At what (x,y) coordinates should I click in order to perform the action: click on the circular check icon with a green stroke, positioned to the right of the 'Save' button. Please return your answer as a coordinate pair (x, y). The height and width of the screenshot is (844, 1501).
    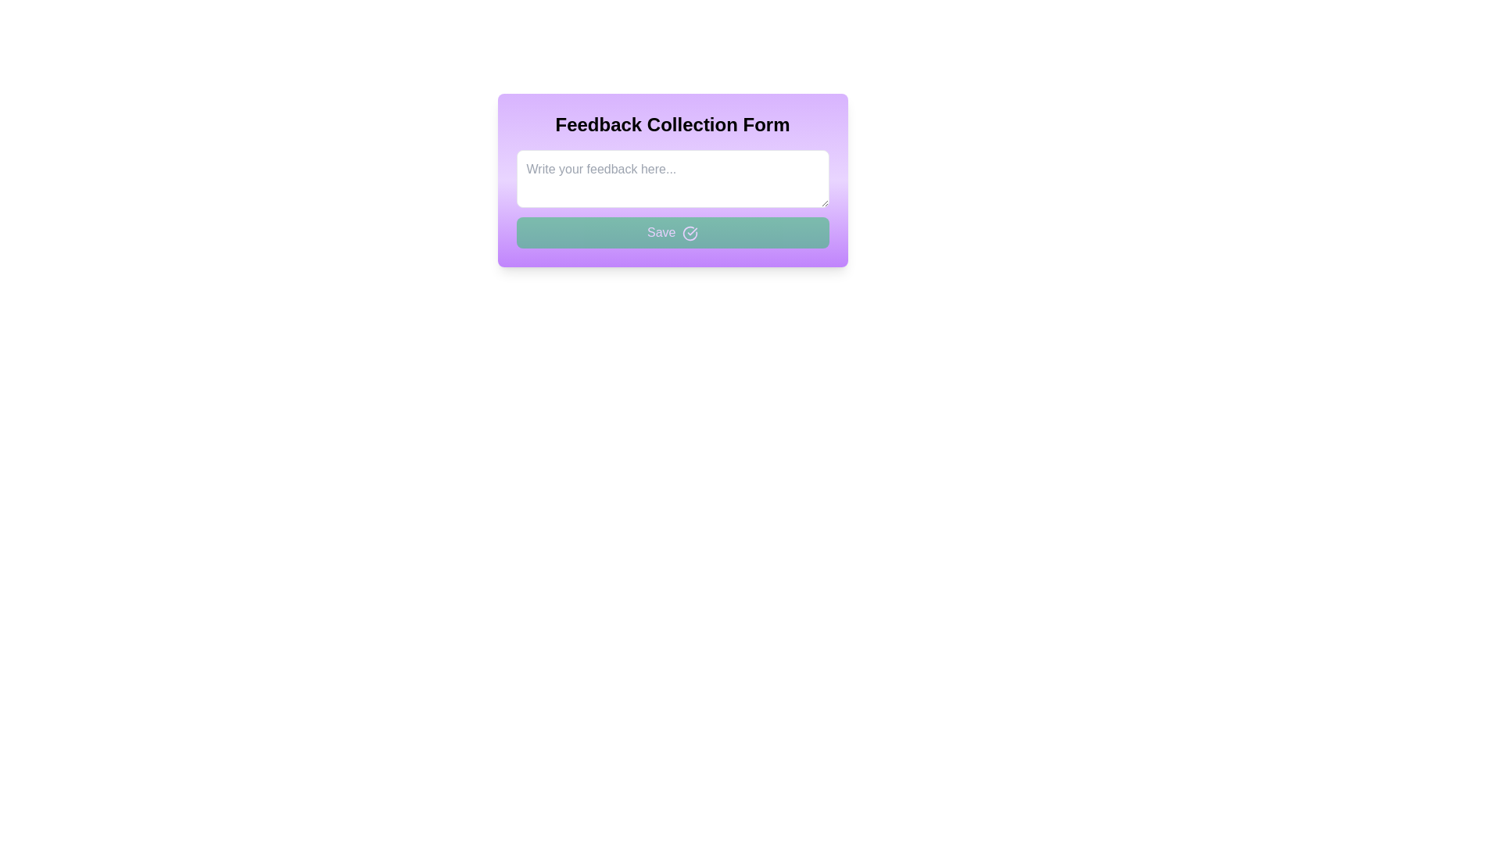
    Looking at the image, I should click on (690, 233).